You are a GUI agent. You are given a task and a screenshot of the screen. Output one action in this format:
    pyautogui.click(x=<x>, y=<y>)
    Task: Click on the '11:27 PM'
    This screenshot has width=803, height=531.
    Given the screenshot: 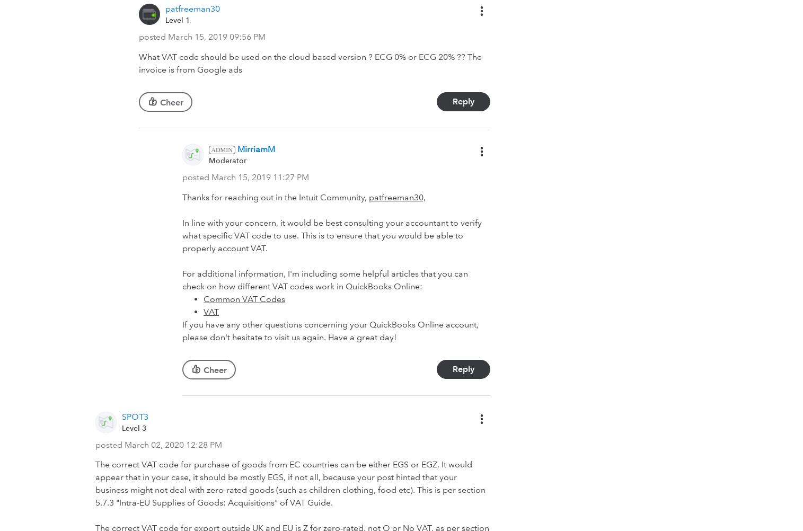 What is the action you would take?
    pyautogui.click(x=290, y=176)
    